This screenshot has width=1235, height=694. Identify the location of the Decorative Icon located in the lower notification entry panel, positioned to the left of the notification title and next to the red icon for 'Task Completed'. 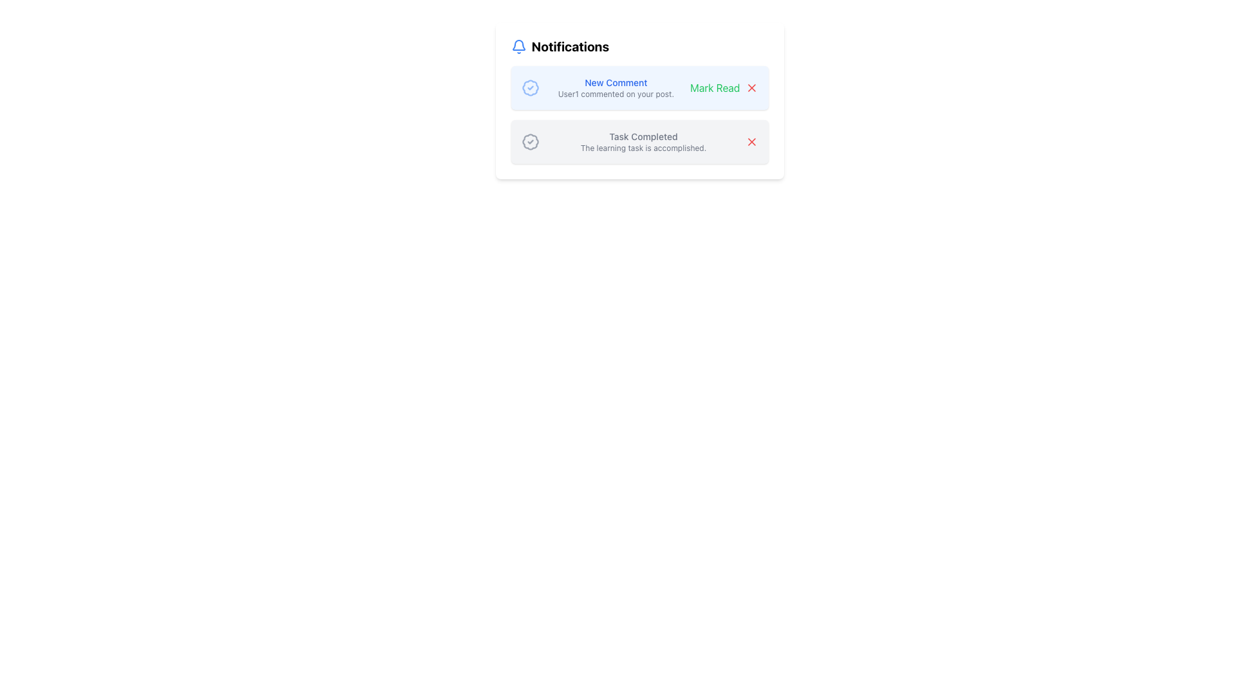
(530, 141).